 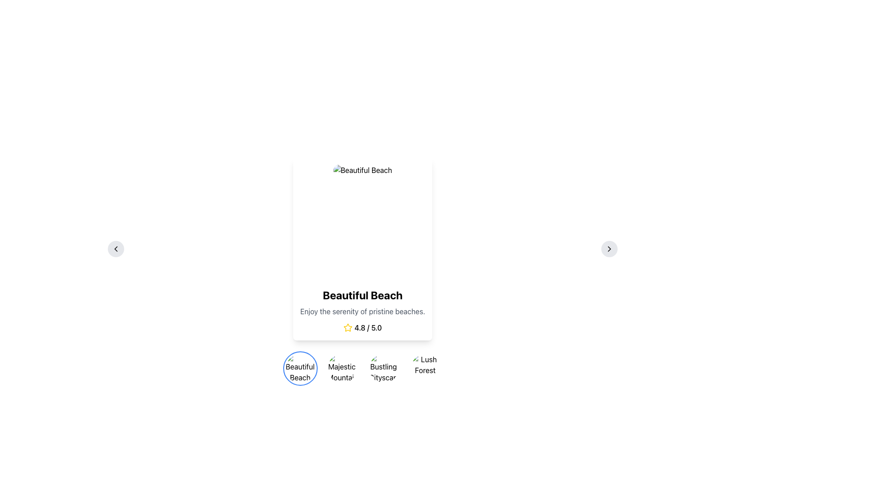 I want to click on the circular icon labeled 'Bustling Cityscape', so click(x=383, y=368).